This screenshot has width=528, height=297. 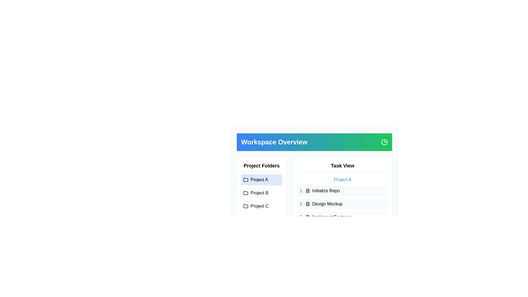 What do you see at coordinates (307, 191) in the screenshot?
I see `the icon representing a document or file-related task located to the left of the text for the first task labeled 'Initialize Repo' in the 'Task View' section` at bounding box center [307, 191].